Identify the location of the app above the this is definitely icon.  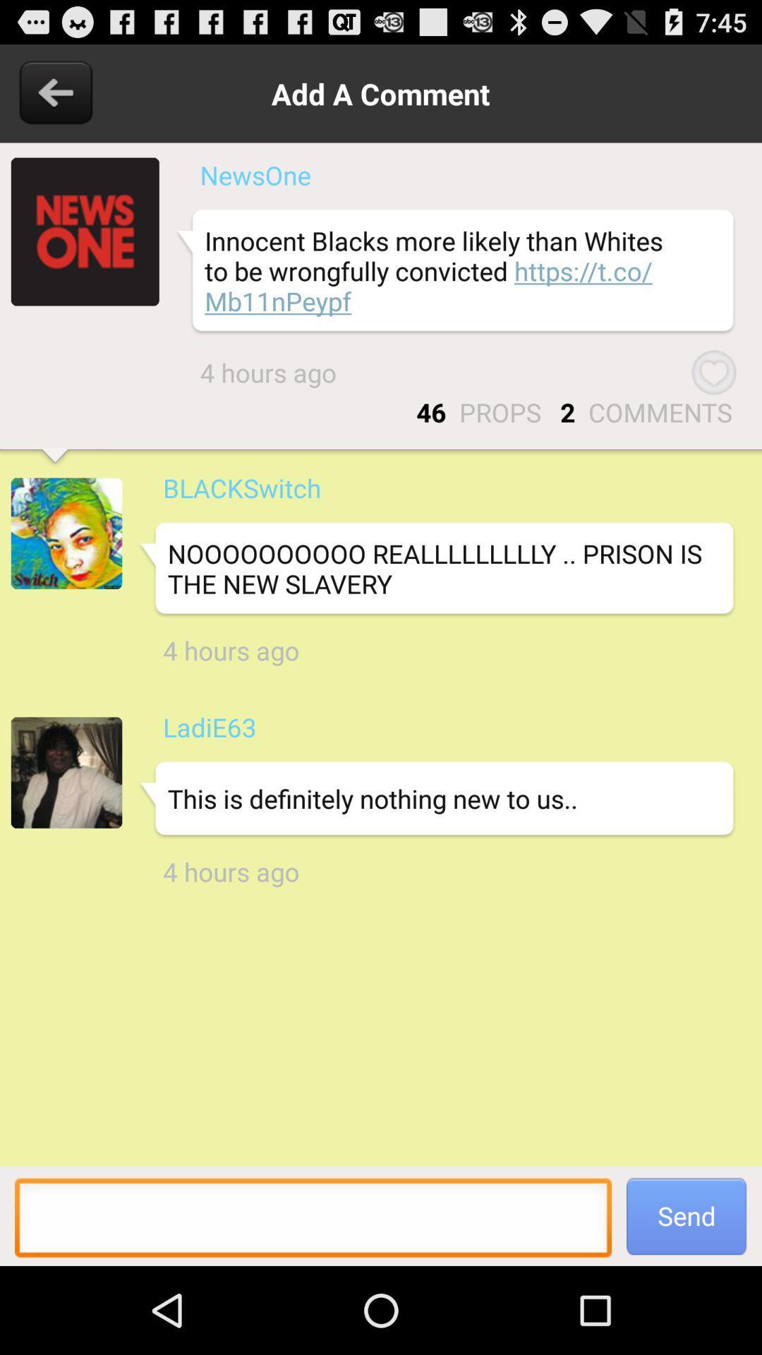
(210, 727).